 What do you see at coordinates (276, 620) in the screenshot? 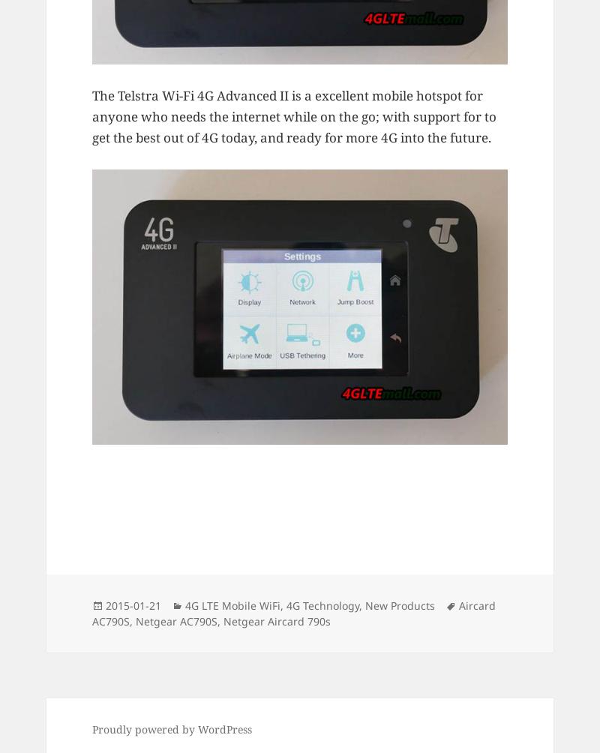
I see `'Netgear Aircard 790s'` at bounding box center [276, 620].